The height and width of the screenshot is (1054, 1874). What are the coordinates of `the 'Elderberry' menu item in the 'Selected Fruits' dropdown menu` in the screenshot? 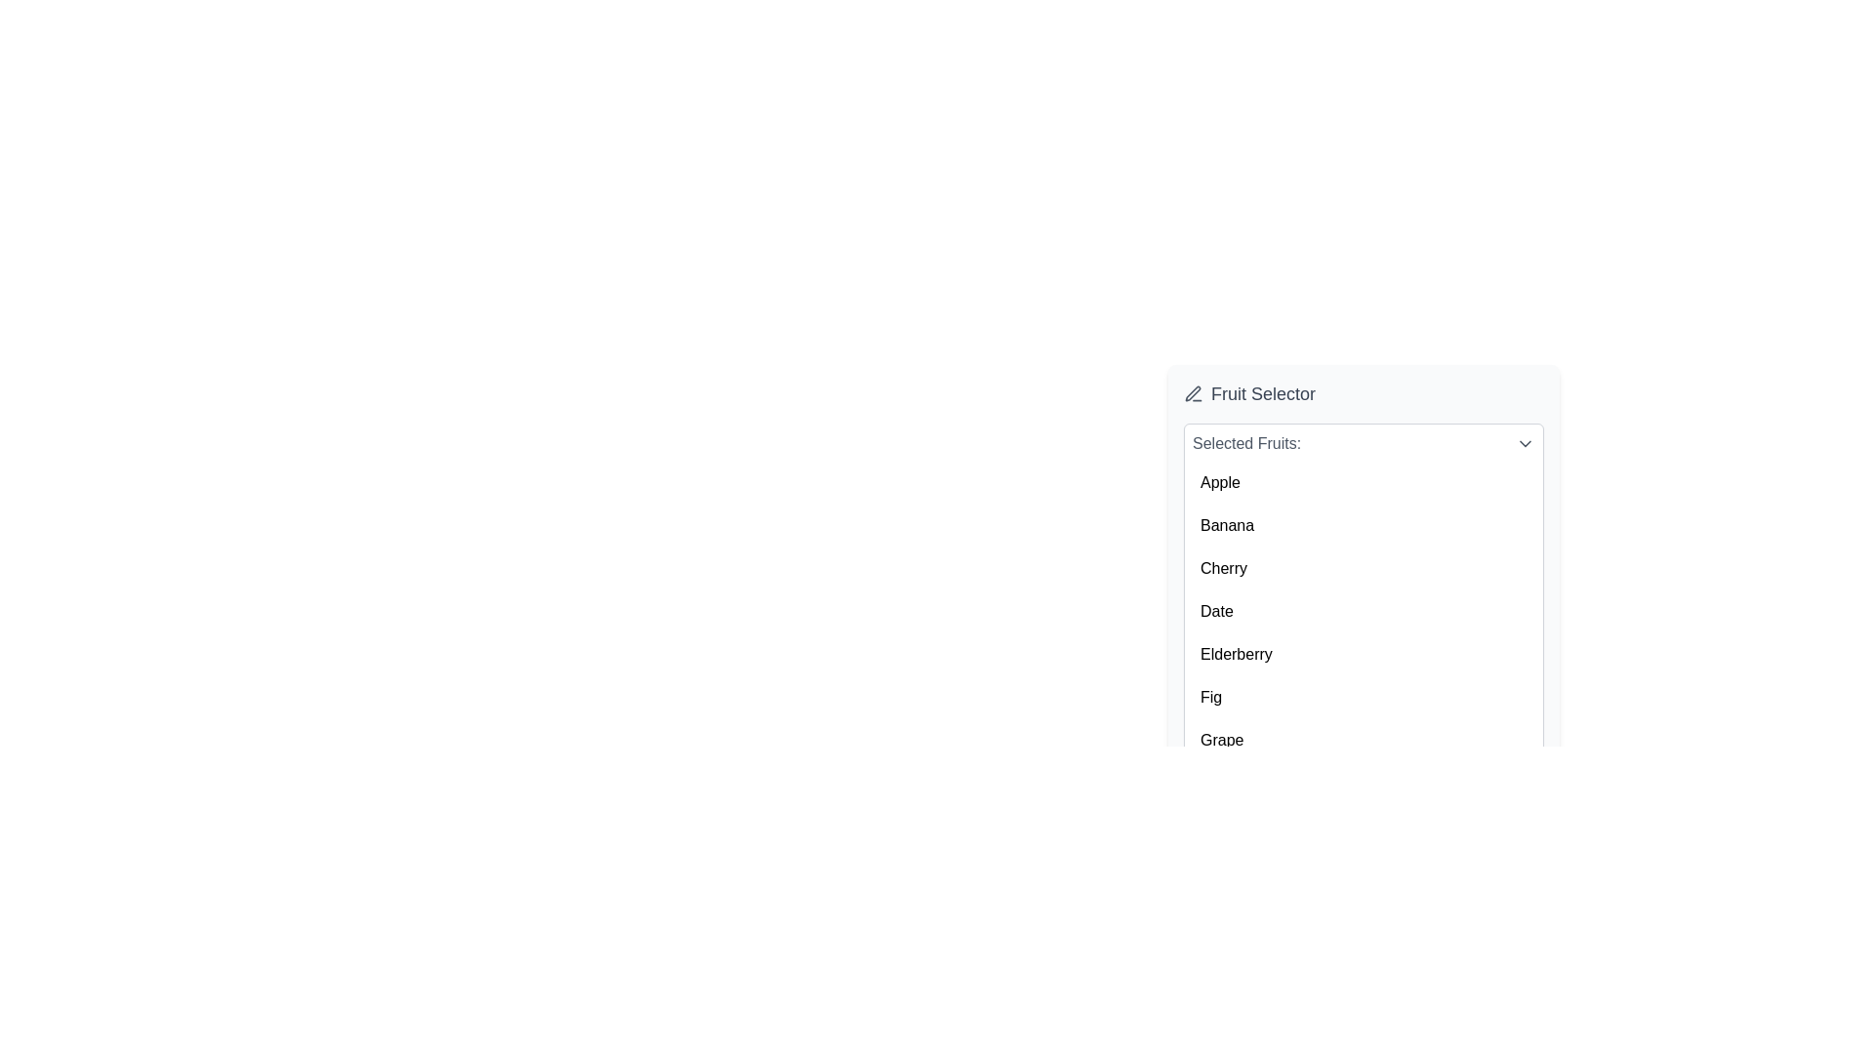 It's located at (1363, 655).